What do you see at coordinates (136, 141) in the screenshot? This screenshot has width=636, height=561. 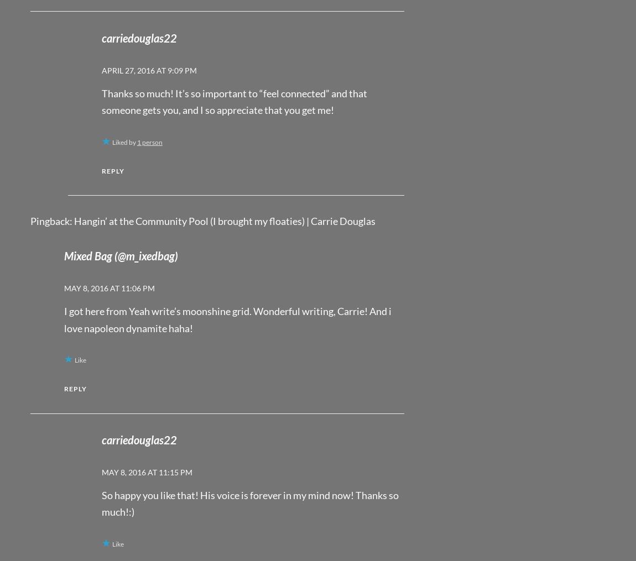 I see `'1 person'` at bounding box center [136, 141].